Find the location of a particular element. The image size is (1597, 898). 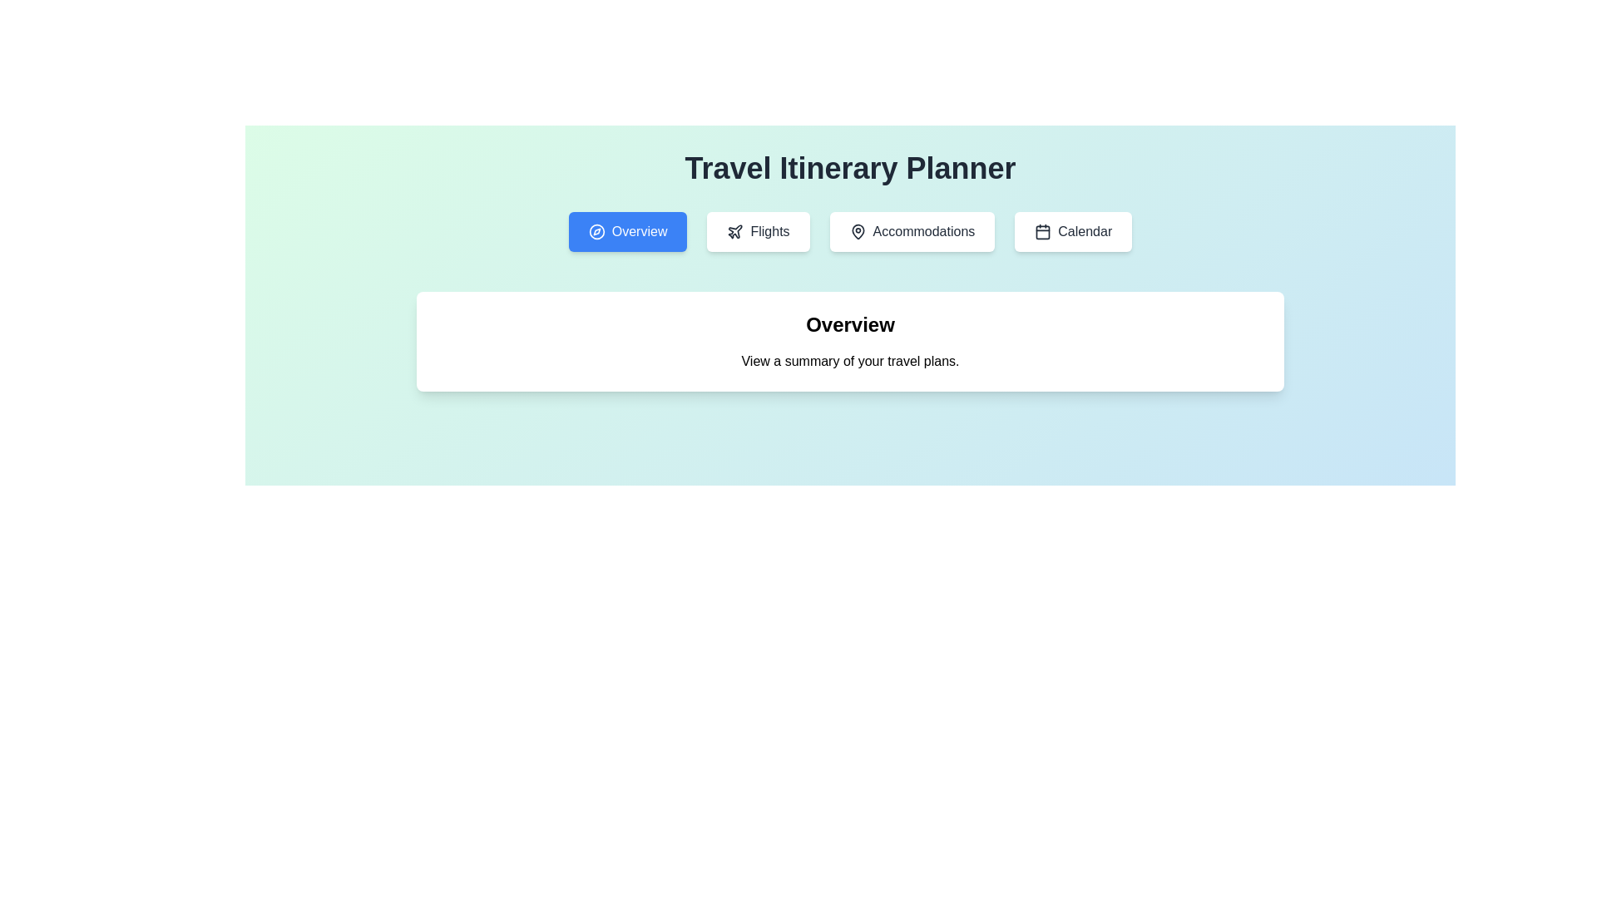

the rectangular shape with rounded corners that is part of the calendar icon, which is labeled 'Calendar' and positioned in the navigation button group is located at coordinates (1042, 232).